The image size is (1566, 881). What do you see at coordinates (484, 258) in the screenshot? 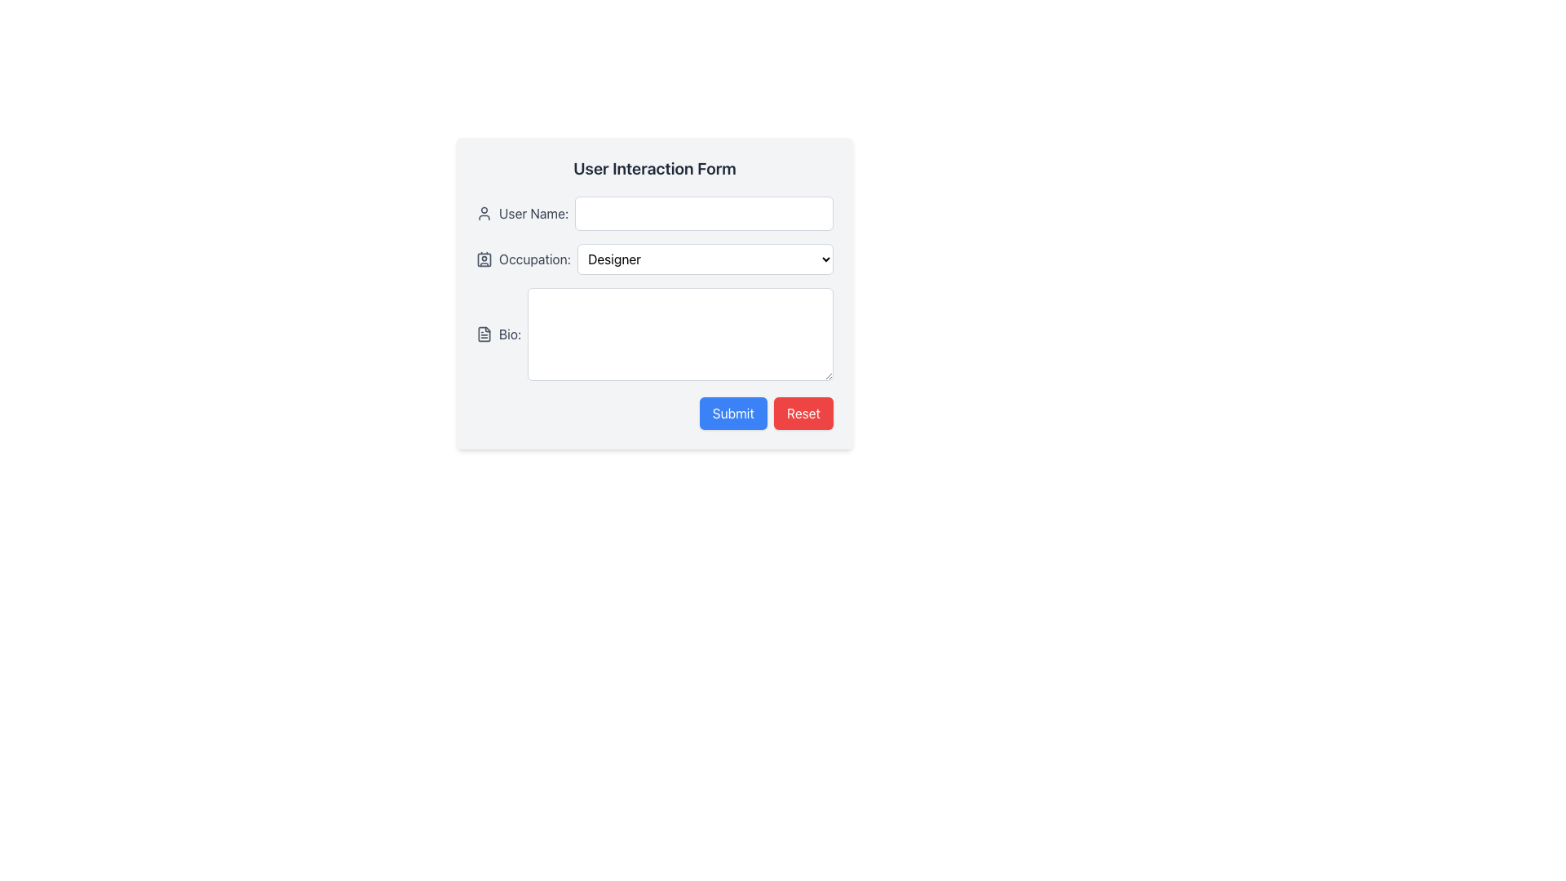
I see `the rectangle UI component that visually represents the 'Occupation' field within the form to enhance its aesthetic appeal` at bounding box center [484, 258].